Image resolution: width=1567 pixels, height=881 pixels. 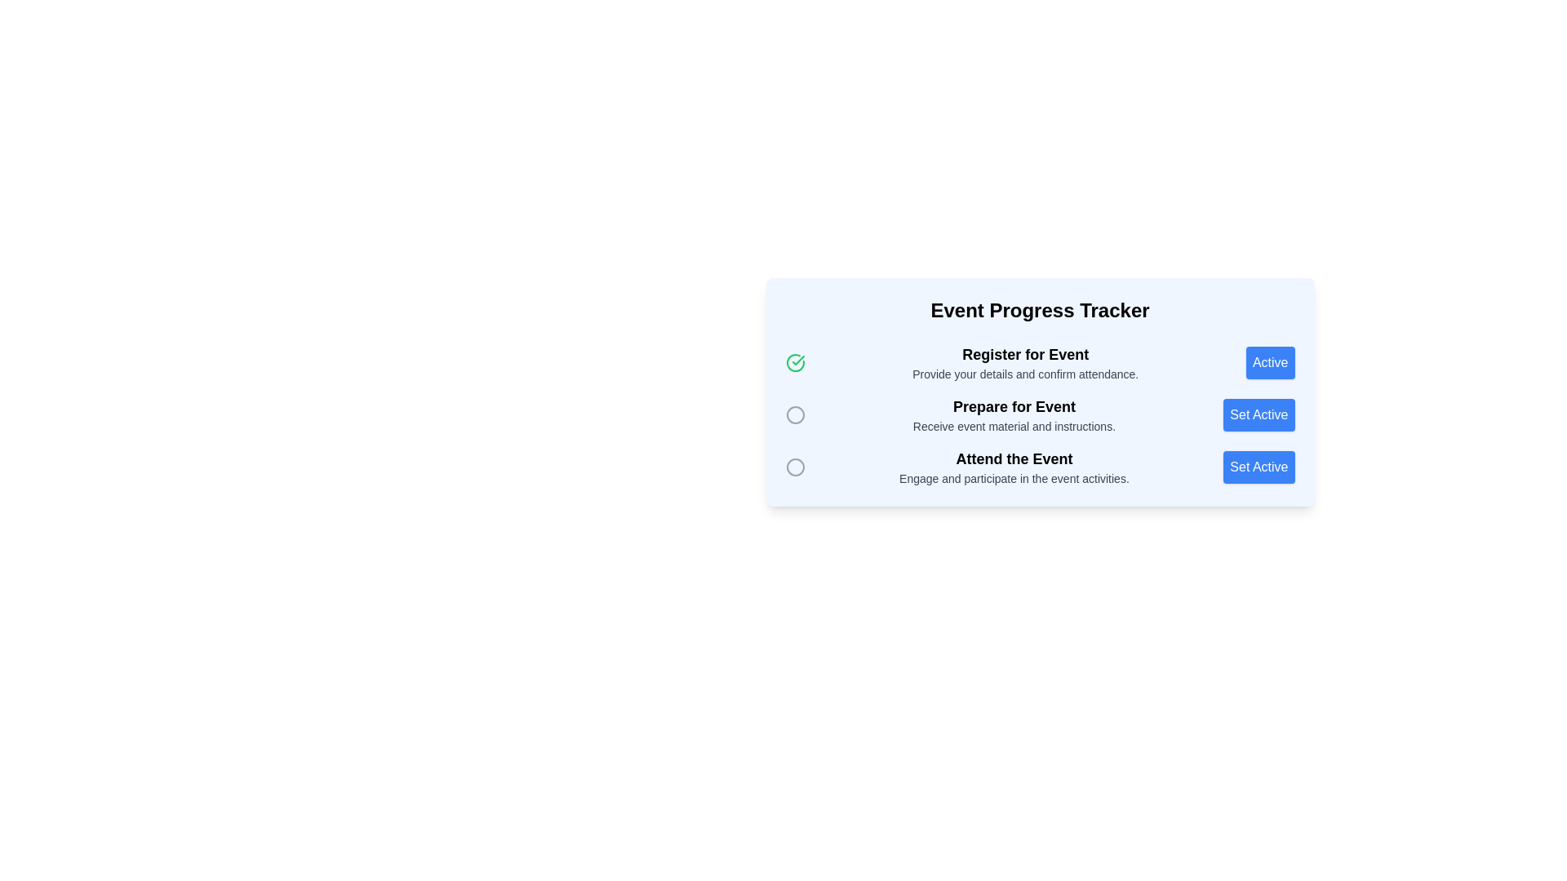 I want to click on the third gray circular indicator icon in the Event Progress Tracker section, which has a hollow center and is positioned to the left of the 'Attend the Event' text, so click(x=795, y=467).